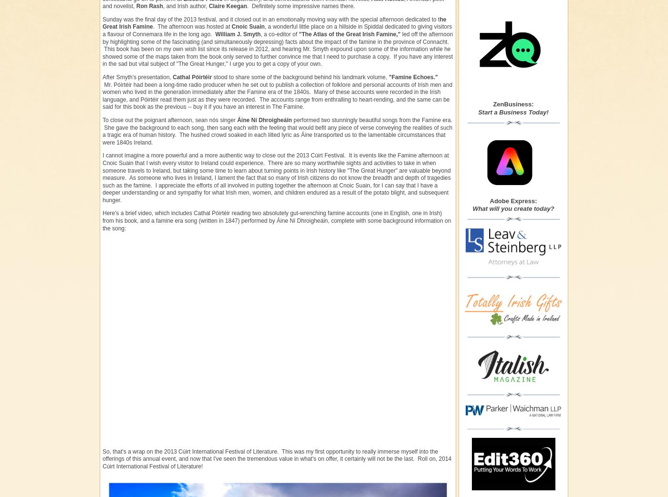 The image size is (668, 497). Describe the element at coordinates (264, 119) in the screenshot. I see `'Áine Ní Dhroigheáin'` at that location.